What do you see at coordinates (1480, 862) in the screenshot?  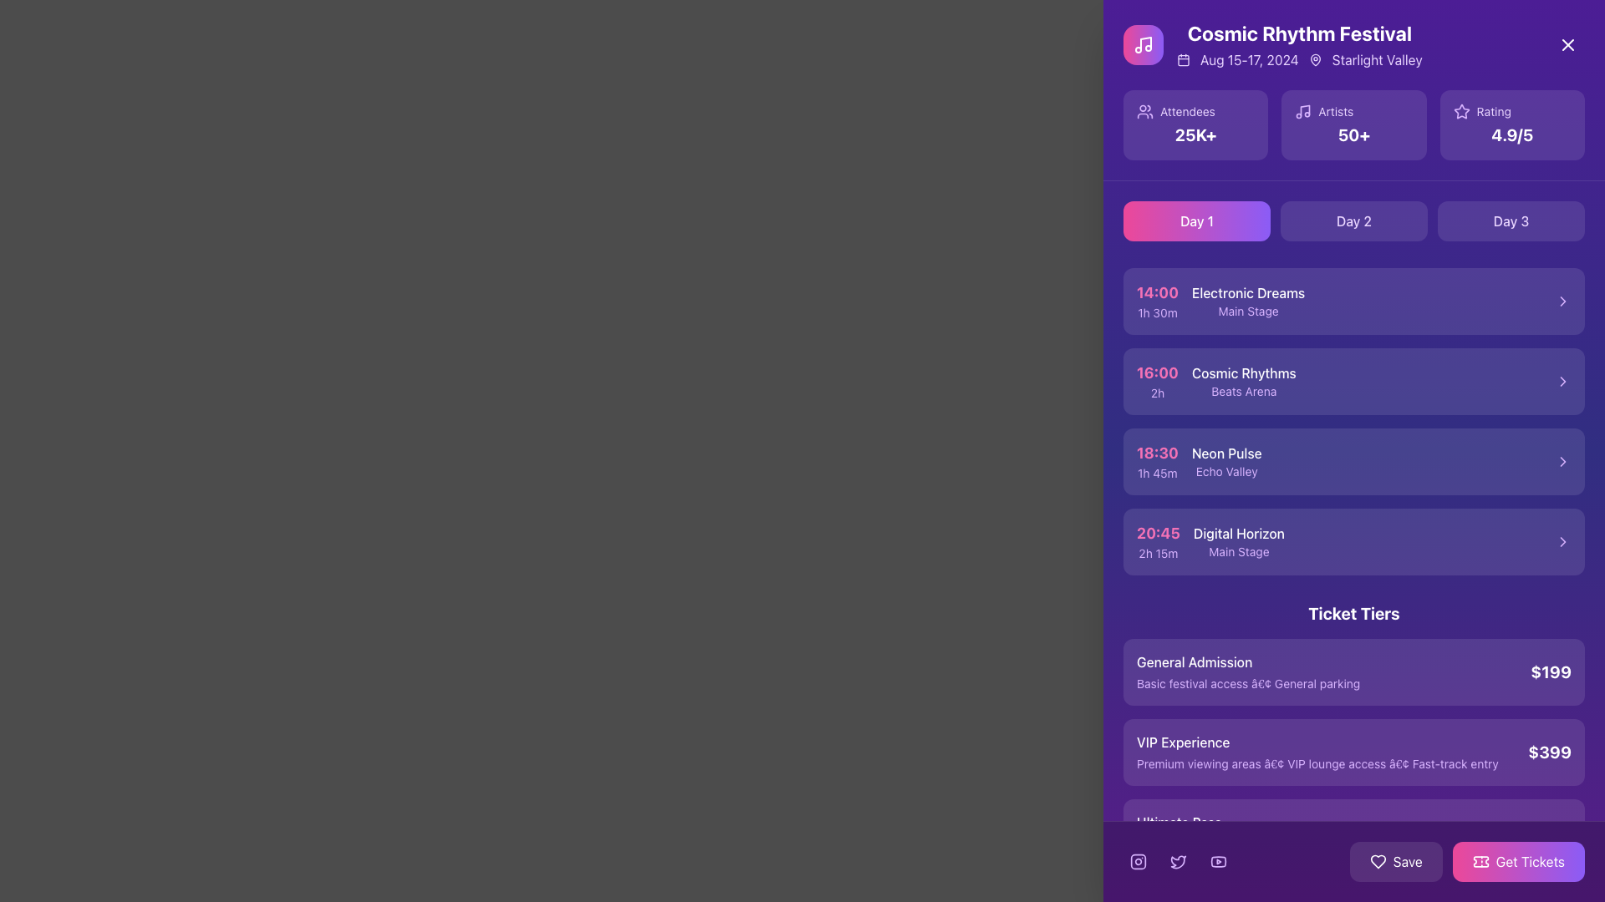 I see `the ticket icon in the 'Get Tickets' button located in the bottom-right corner of the application interface` at bounding box center [1480, 862].